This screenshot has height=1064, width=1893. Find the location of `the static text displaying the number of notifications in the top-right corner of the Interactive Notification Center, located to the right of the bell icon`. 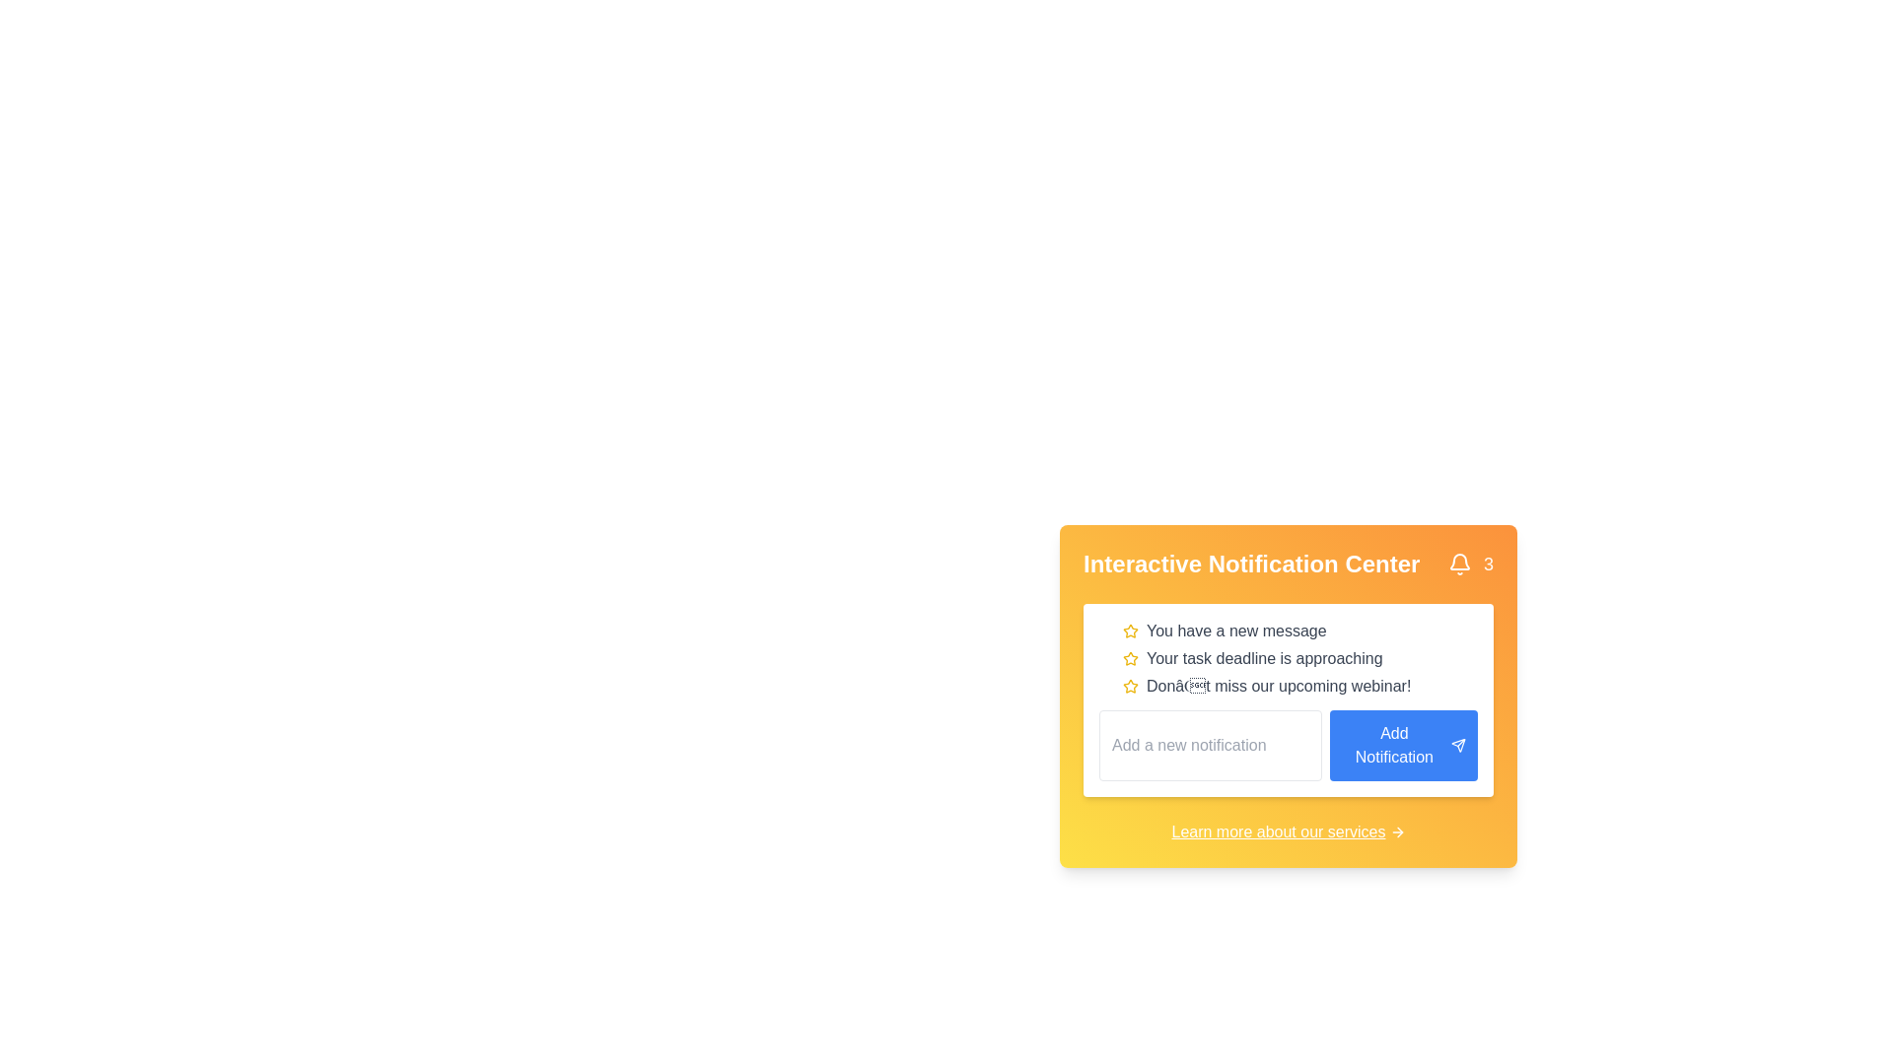

the static text displaying the number of notifications in the top-right corner of the Interactive Notification Center, located to the right of the bell icon is located at coordinates (1471, 565).